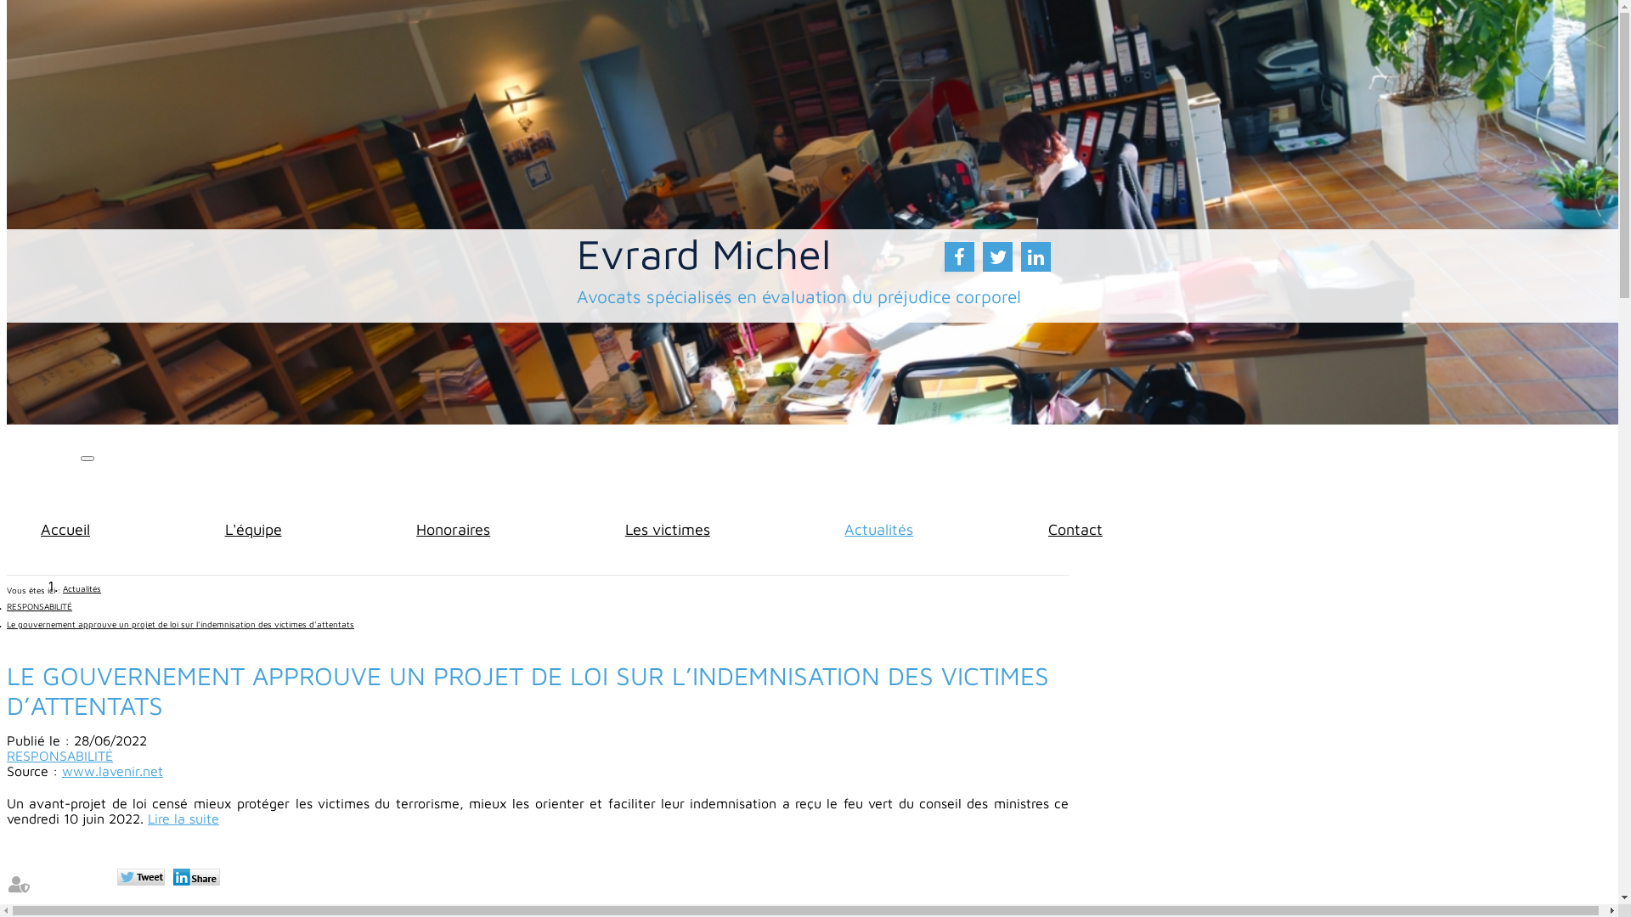 The height and width of the screenshot is (917, 1631). I want to click on 'Accueil', so click(41, 528).